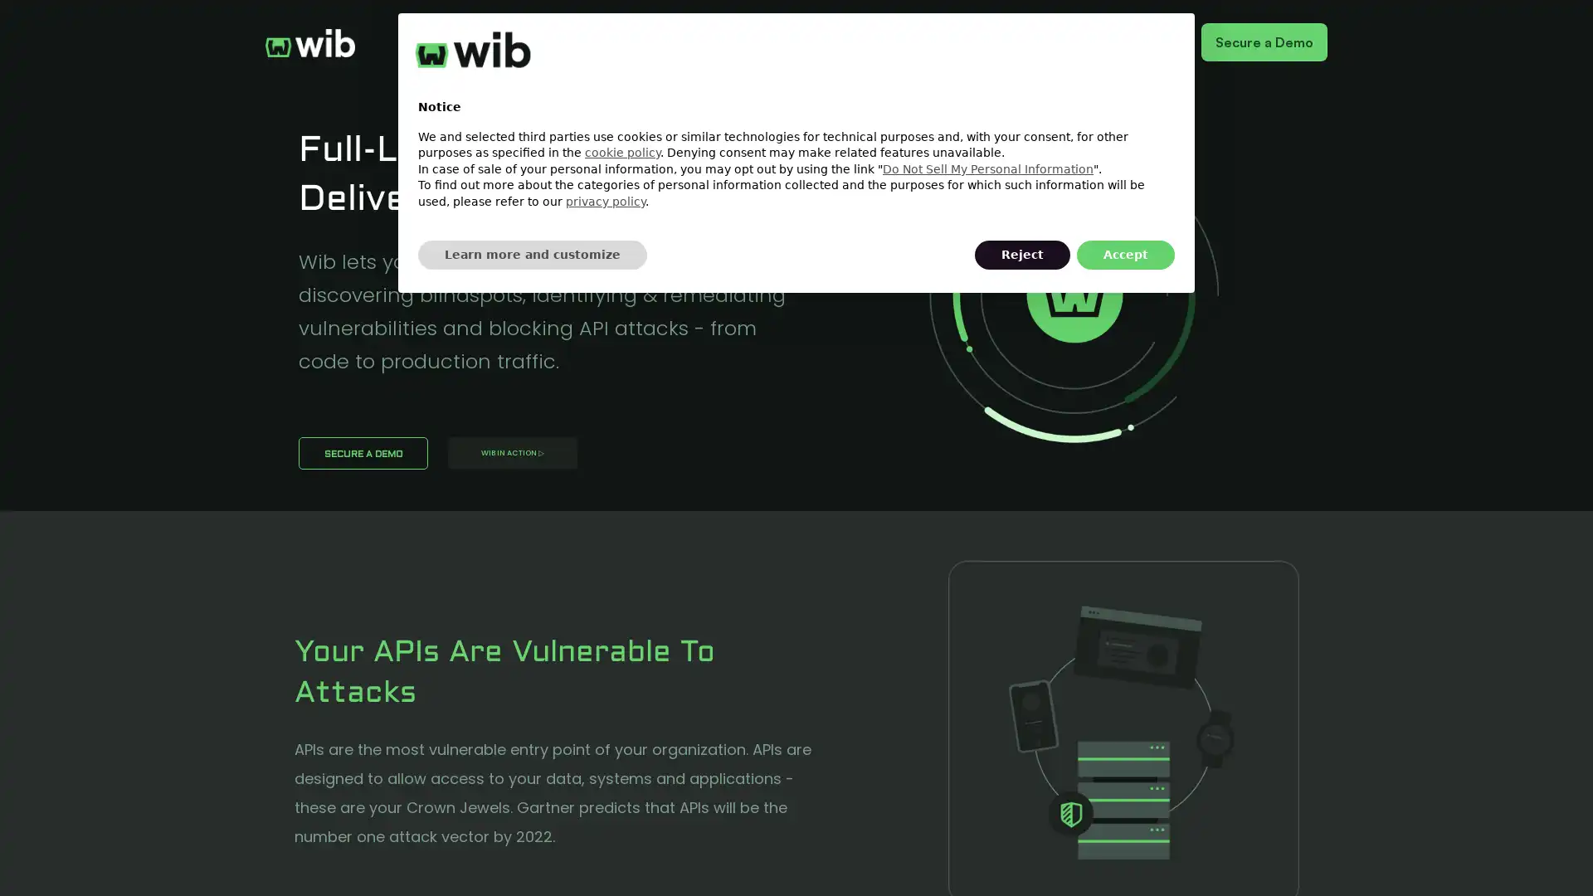 The image size is (1593, 896). I want to click on Learn more and customize, so click(533, 255).